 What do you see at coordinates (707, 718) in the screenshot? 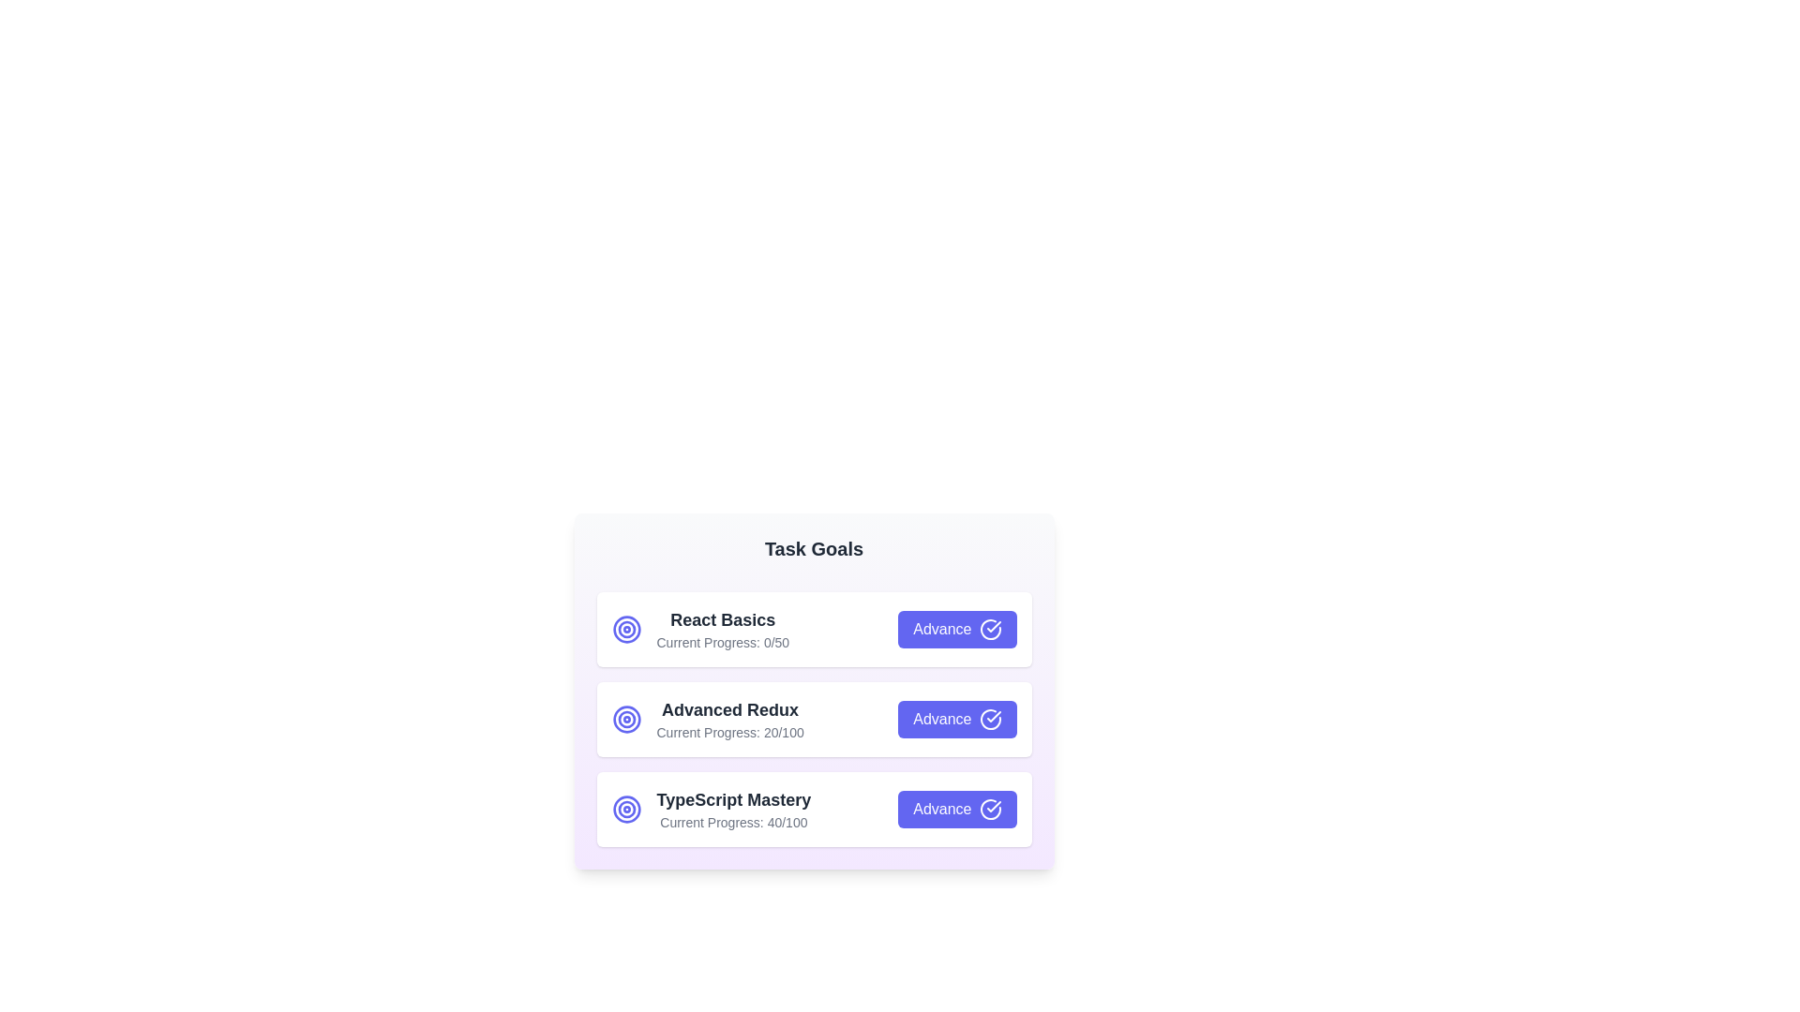
I see `the informational text element titled 'Advanced Redux' which includes a progress indicator, located in the 'Task Goals' panel` at bounding box center [707, 718].